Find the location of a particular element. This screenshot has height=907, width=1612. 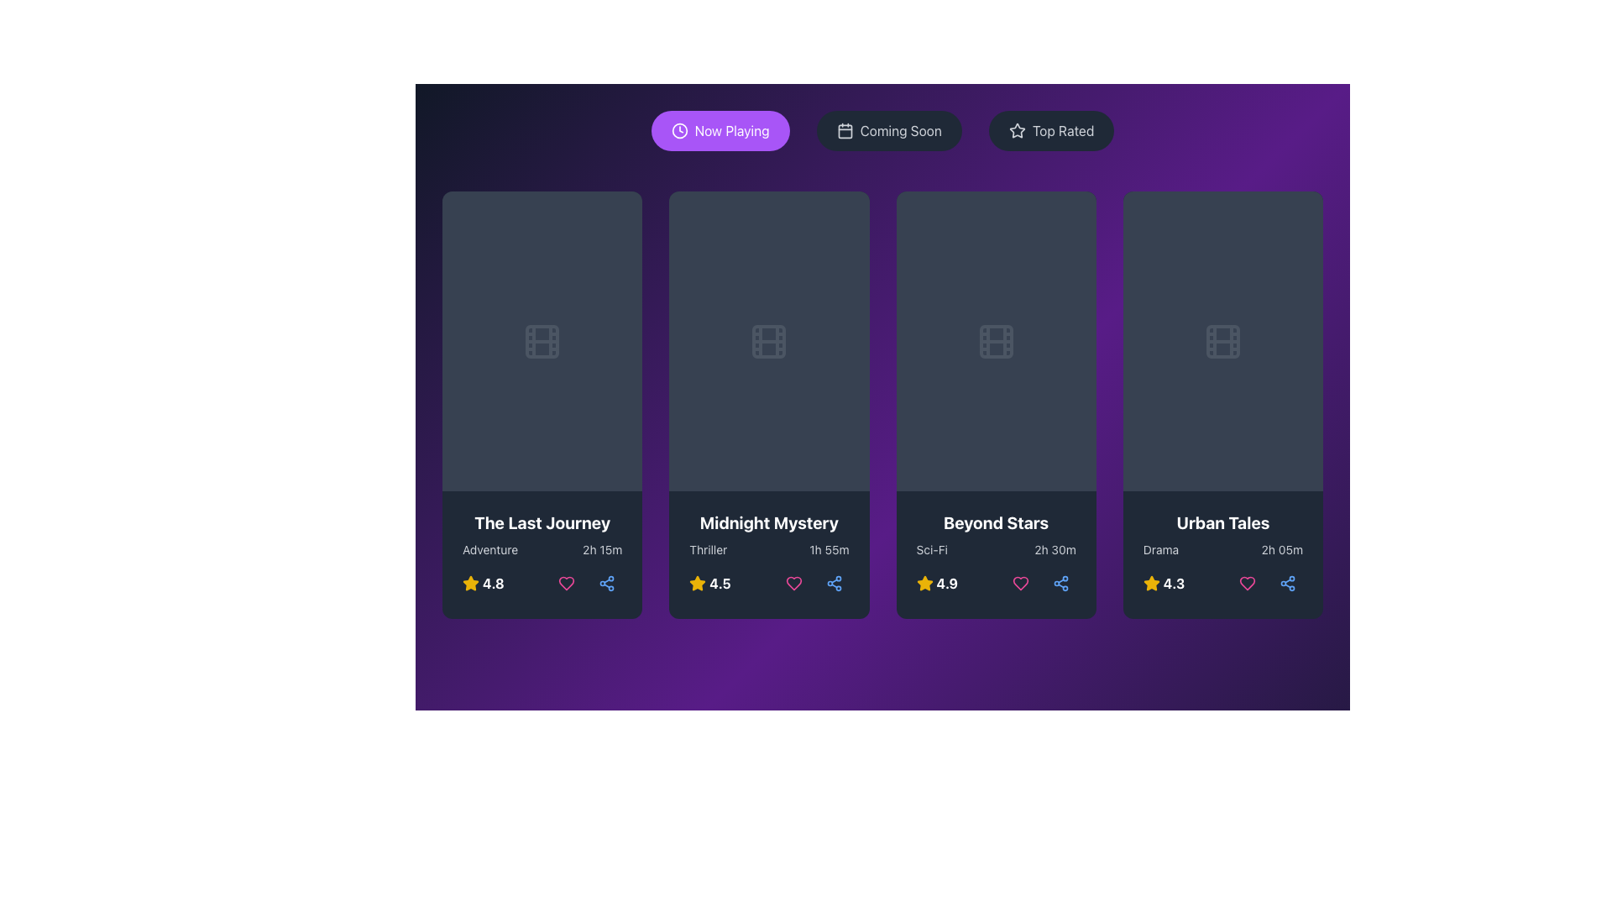

the heart-shaped icon in pink color located at the bottom right of the second card in the grid layout, below the movie title 'Midnight Mystery' and its rating, to mark or unmark it as a favorite is located at coordinates (793, 583).